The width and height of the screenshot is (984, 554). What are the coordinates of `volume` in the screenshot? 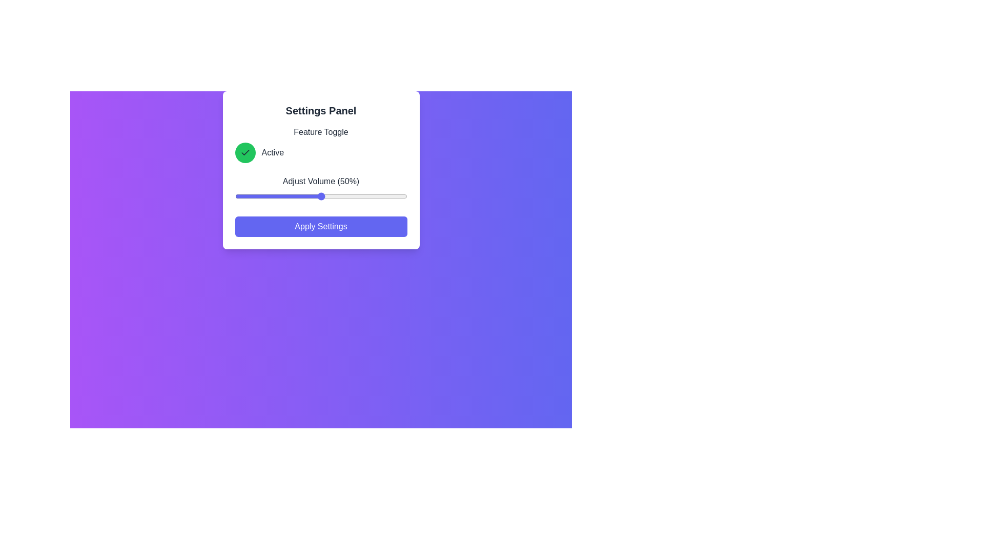 It's located at (377, 196).